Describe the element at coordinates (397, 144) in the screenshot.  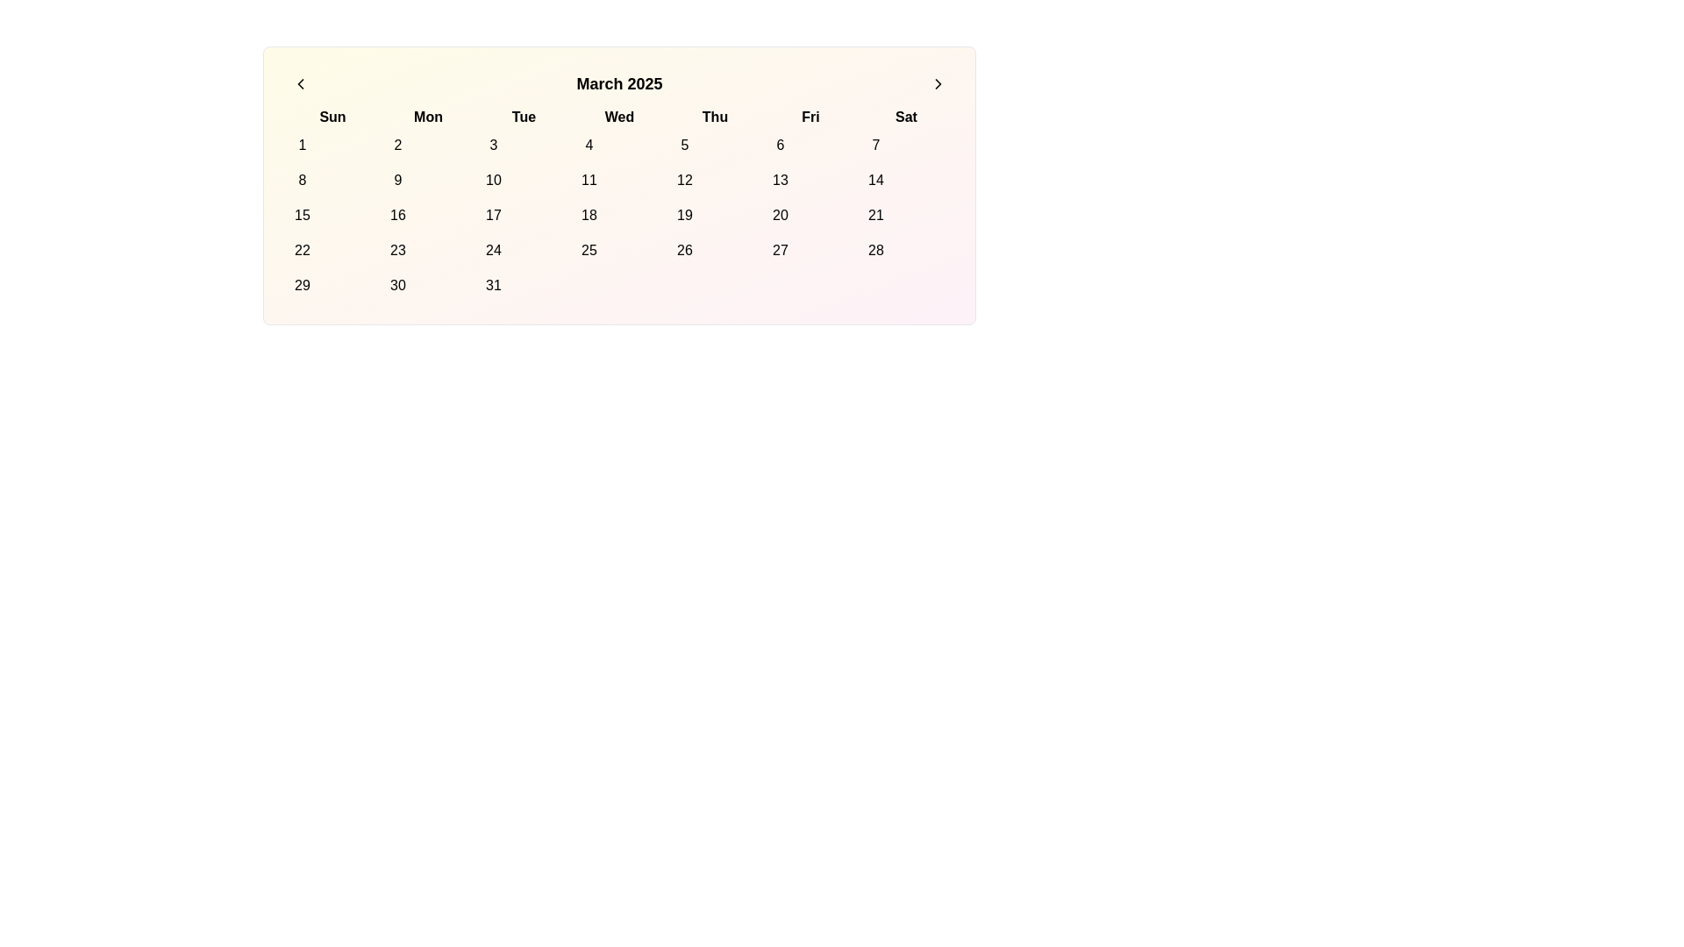
I see `the circular button labeled '2' located in the first row under the 'Mon' column of the calendar grid` at that location.